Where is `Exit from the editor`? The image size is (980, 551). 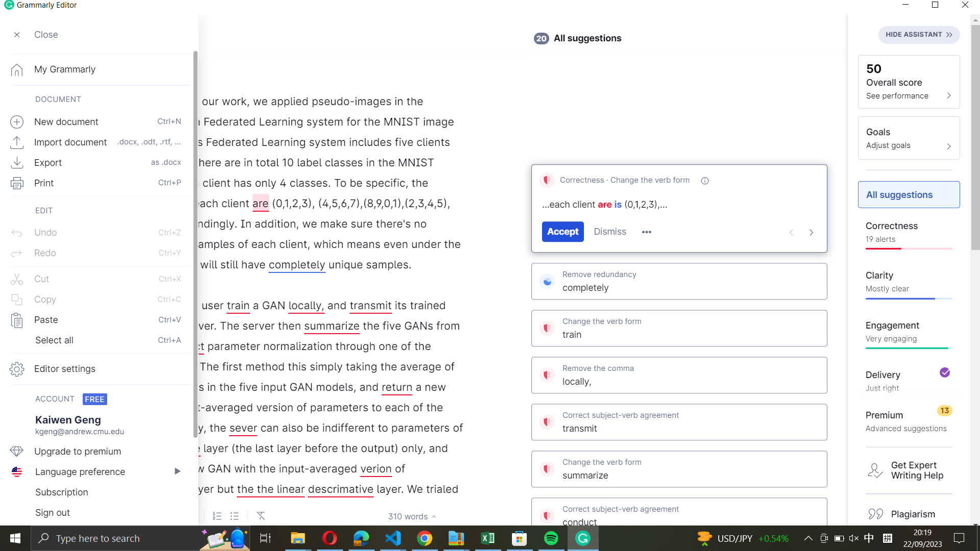 Exit from the editor is located at coordinates (99, 514).